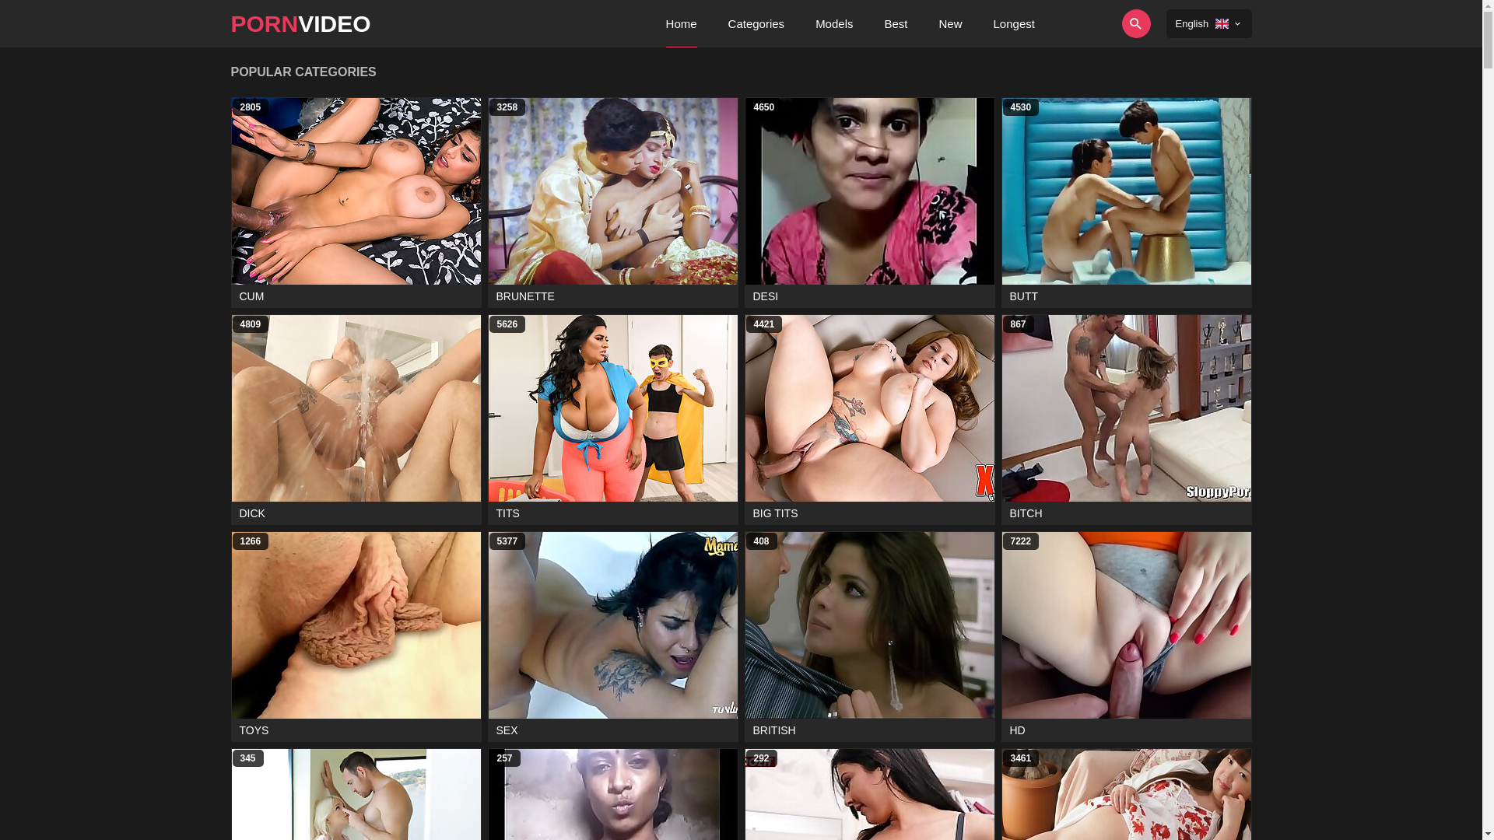  Describe the element at coordinates (756, 23) in the screenshot. I see `'Categories'` at that location.